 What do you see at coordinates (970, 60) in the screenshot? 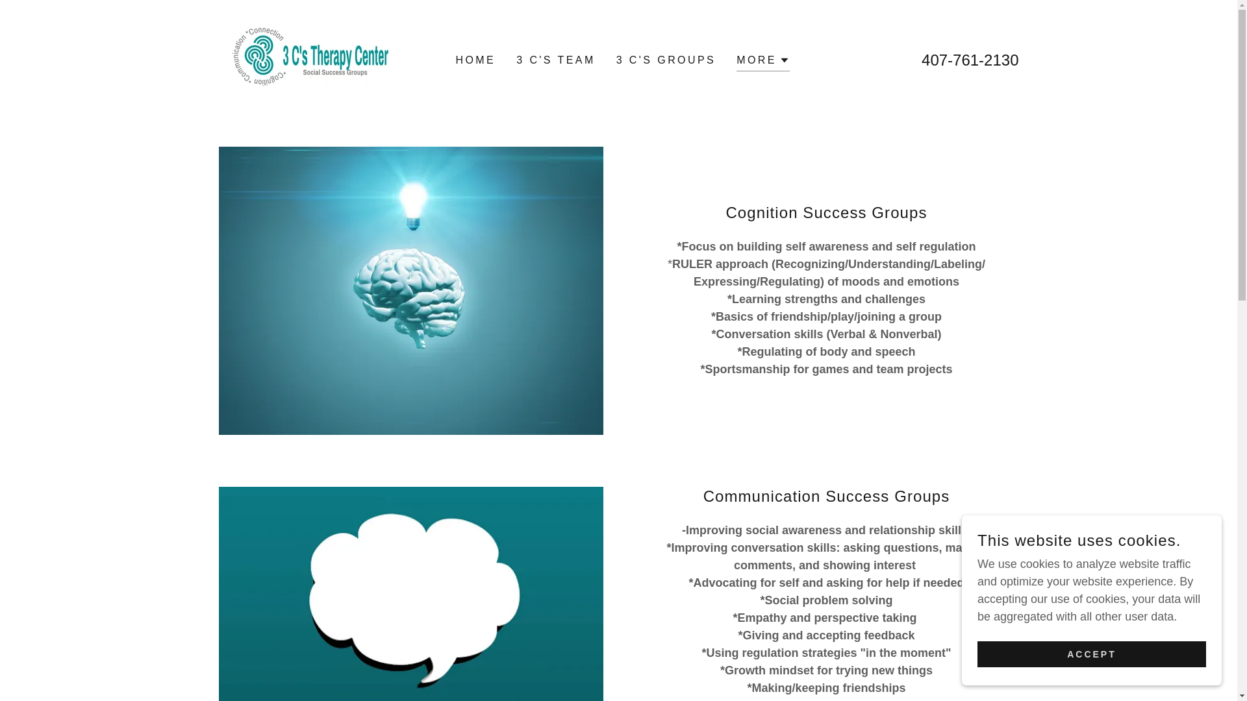
I see `'407-761-2130'` at bounding box center [970, 60].